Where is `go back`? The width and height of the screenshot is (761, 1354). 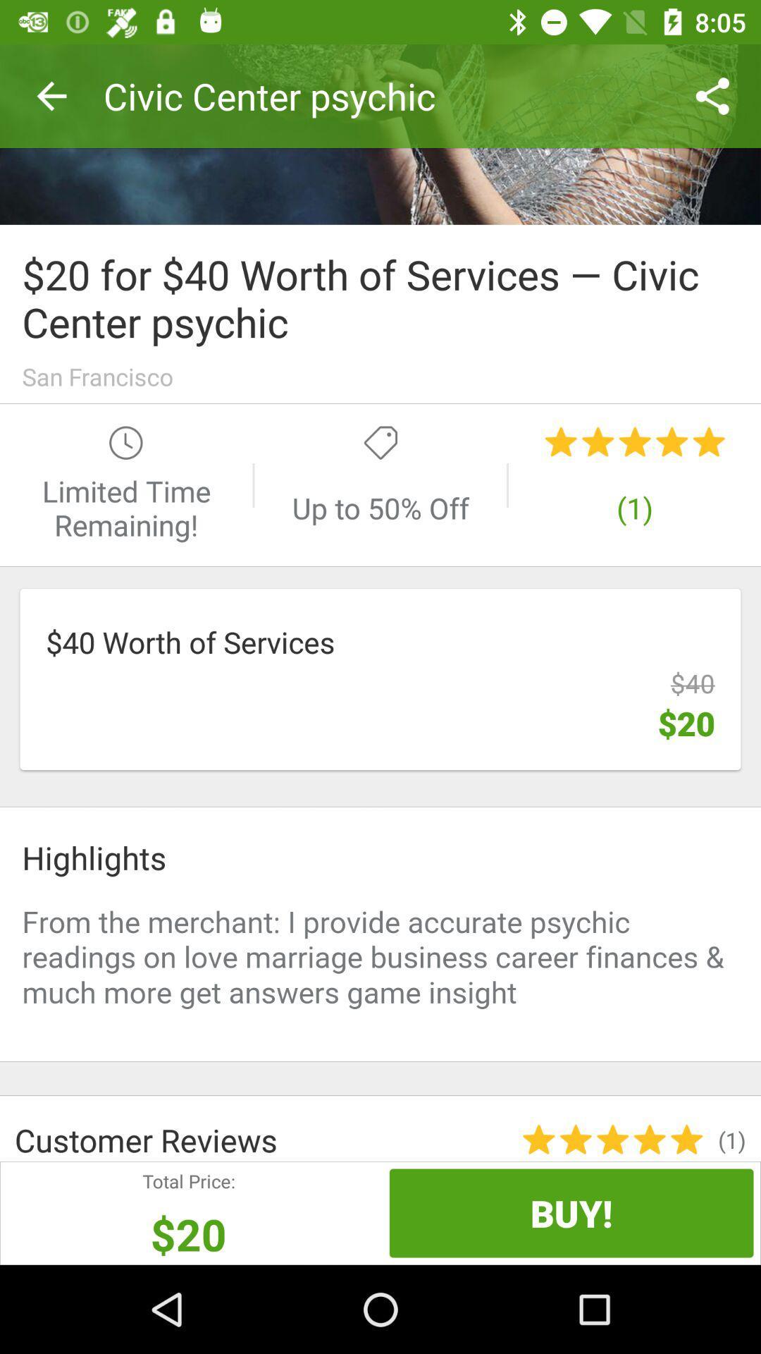 go back is located at coordinates (380, 134).